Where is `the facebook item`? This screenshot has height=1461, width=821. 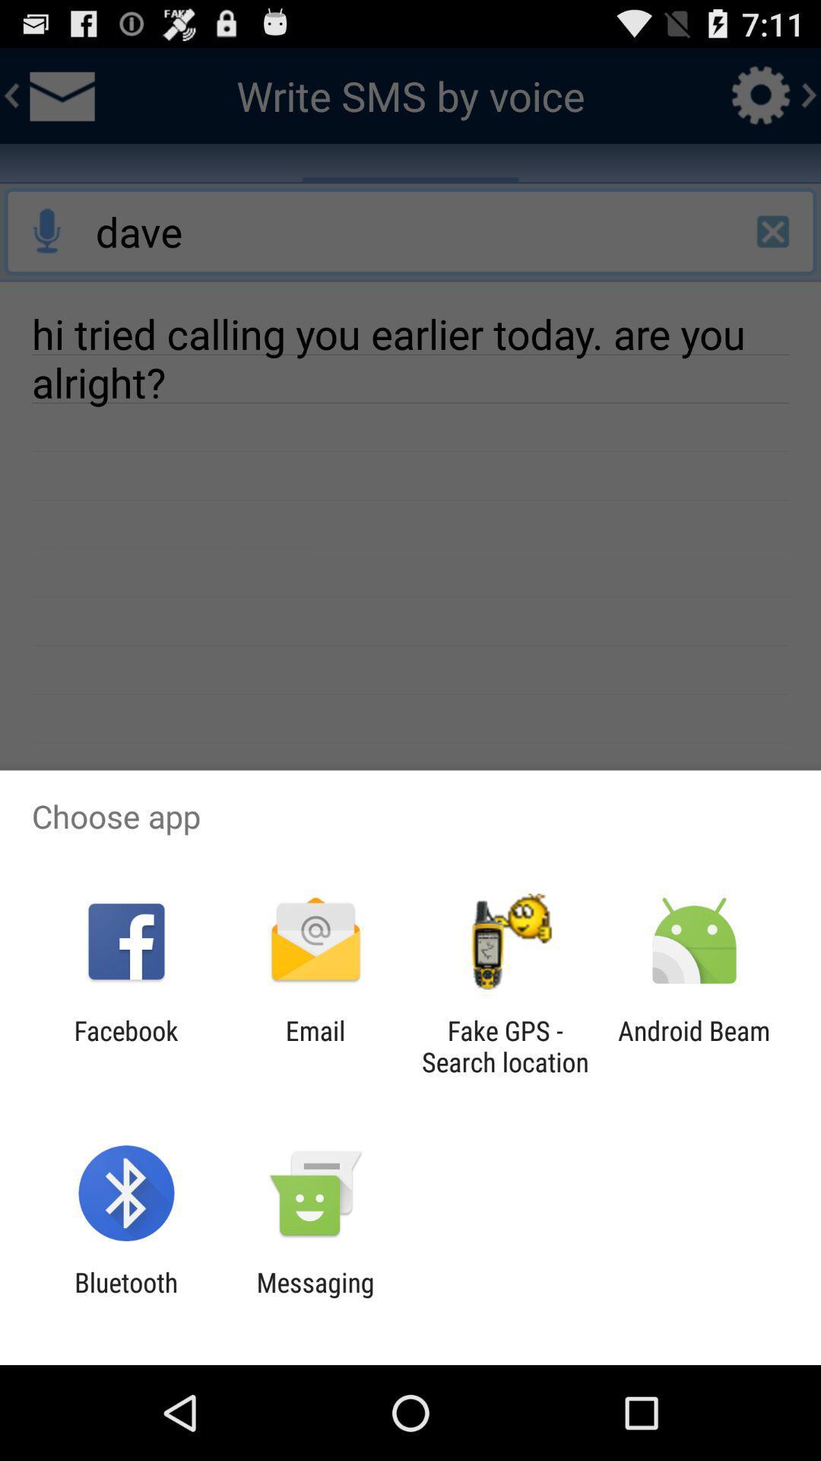 the facebook item is located at coordinates (125, 1046).